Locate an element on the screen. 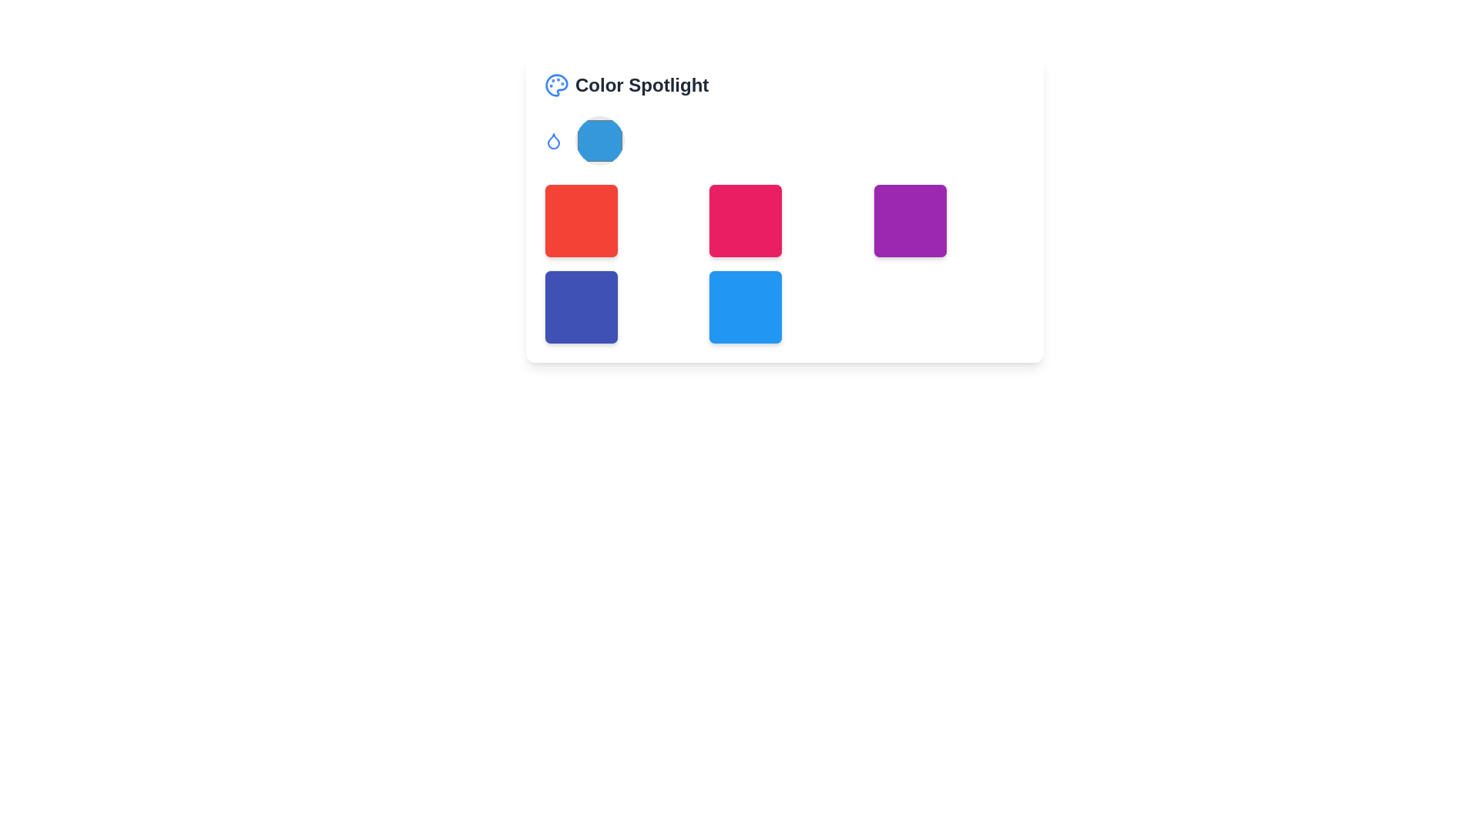 The width and height of the screenshot is (1479, 832). the blue decorative block or color selection tile, which is the fifth item in a grid layout is located at coordinates (746, 307).